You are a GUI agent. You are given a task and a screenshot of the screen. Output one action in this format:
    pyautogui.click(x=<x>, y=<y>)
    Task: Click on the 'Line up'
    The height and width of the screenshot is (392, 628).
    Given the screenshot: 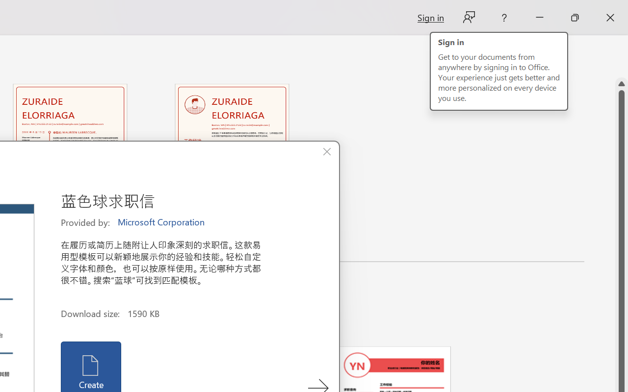 What is the action you would take?
    pyautogui.click(x=621, y=83)
    